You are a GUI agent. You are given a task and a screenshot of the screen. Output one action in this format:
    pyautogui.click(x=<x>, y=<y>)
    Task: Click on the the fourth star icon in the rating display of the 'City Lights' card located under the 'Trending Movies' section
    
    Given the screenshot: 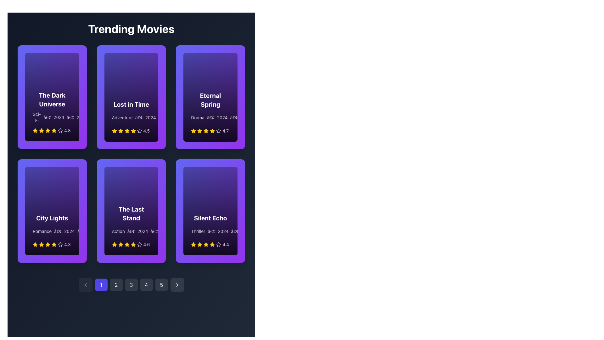 What is the action you would take?
    pyautogui.click(x=60, y=244)
    